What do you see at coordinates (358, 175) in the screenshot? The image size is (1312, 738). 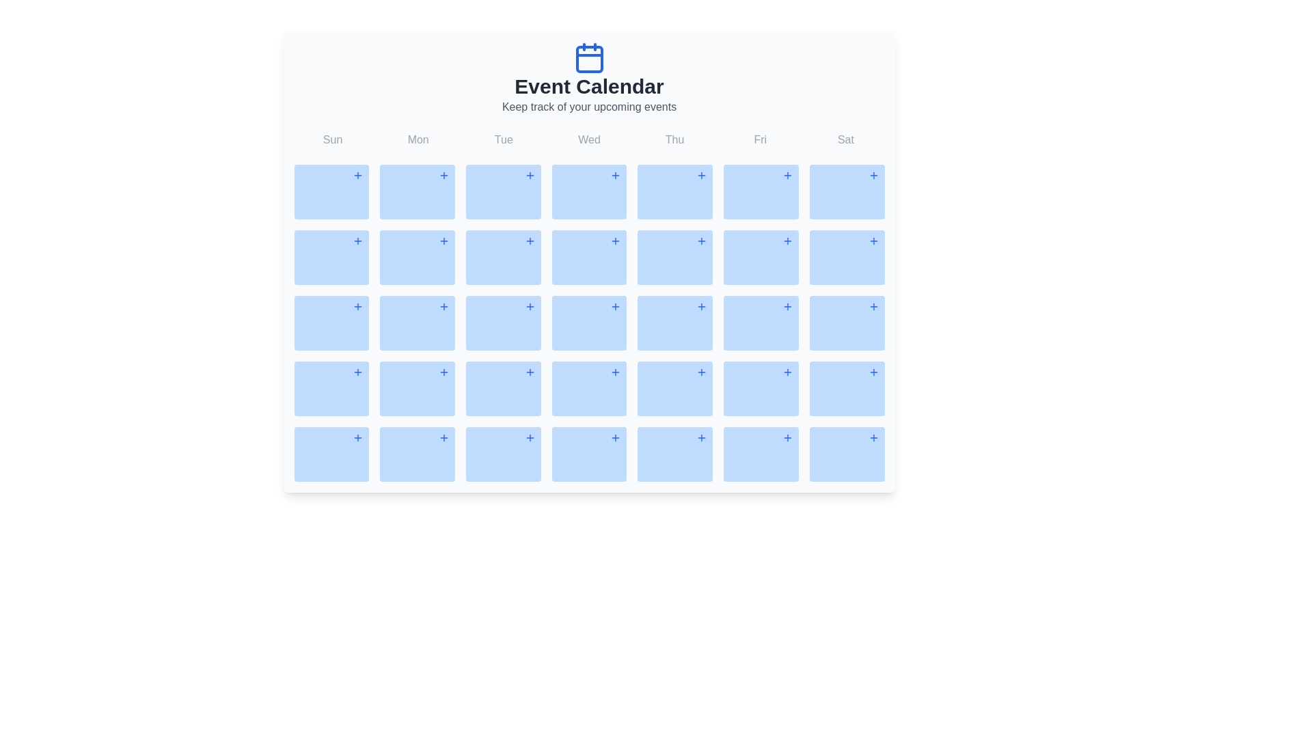 I see `the action button located in the first column and first row of the calendar grid` at bounding box center [358, 175].